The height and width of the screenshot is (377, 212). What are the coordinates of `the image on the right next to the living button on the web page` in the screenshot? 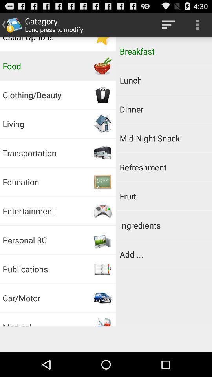 It's located at (103, 124).